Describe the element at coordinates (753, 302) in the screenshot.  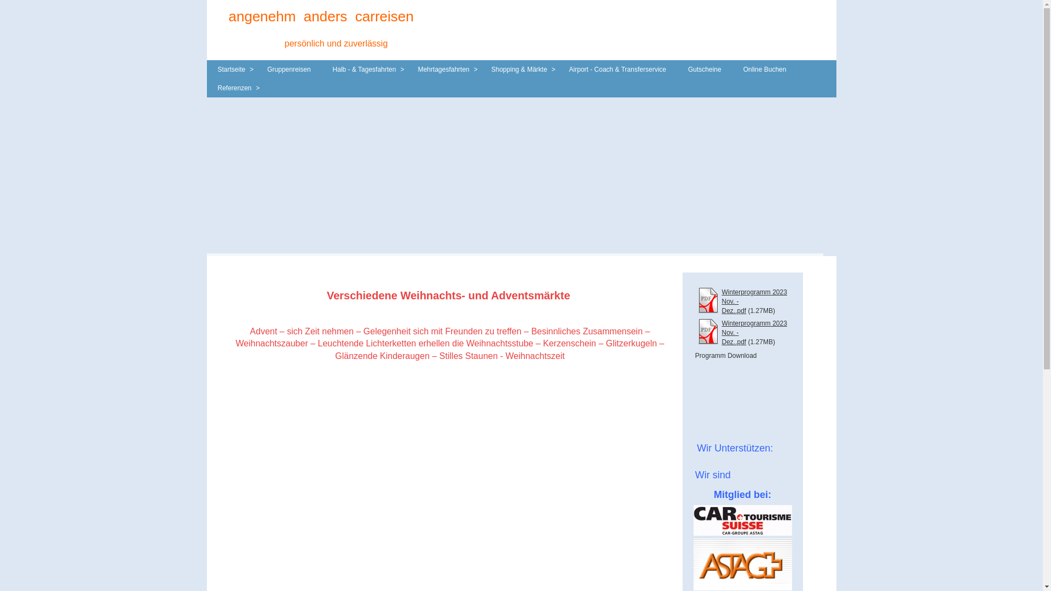
I see `'Winterprogramm 2023 Nov. - Dez..pdf'` at that location.